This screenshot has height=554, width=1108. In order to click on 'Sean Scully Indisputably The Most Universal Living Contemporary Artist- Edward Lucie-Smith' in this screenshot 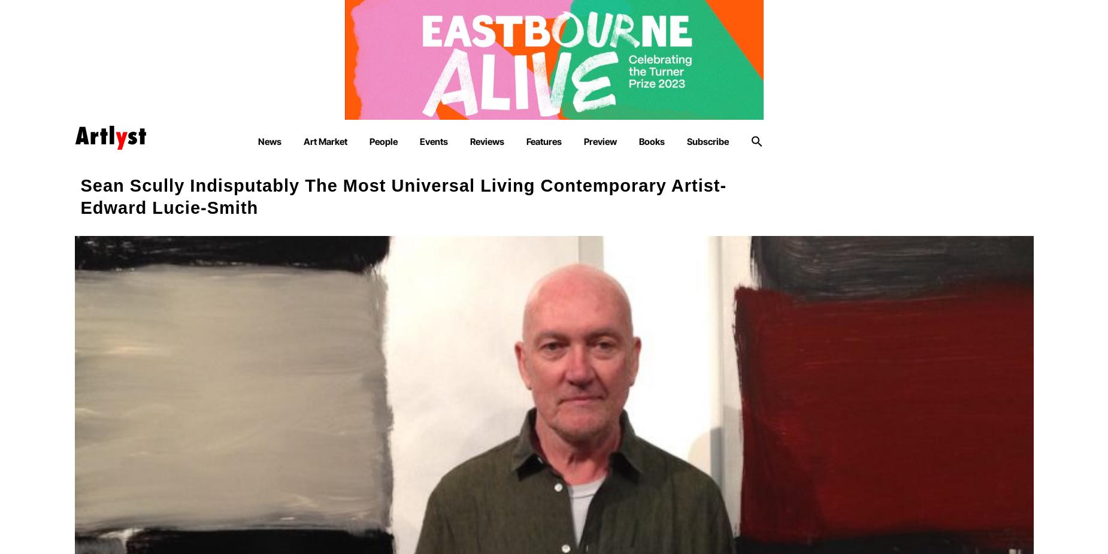, I will do `click(79, 196)`.